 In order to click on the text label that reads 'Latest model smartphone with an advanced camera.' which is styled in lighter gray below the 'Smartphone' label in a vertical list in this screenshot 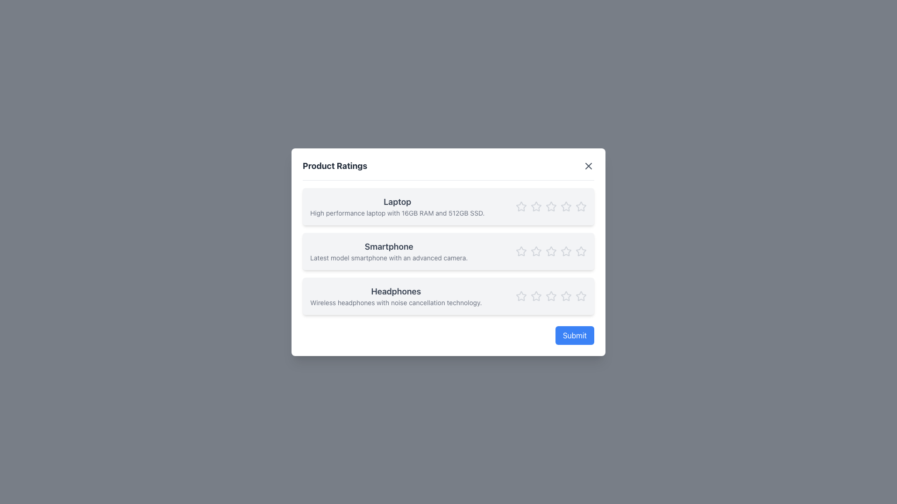, I will do `click(389, 258)`.